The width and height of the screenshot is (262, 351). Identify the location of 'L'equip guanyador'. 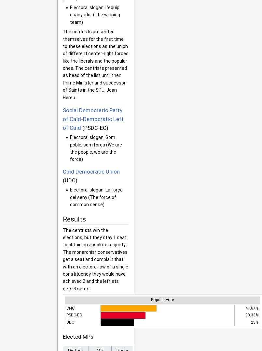
(94, 10).